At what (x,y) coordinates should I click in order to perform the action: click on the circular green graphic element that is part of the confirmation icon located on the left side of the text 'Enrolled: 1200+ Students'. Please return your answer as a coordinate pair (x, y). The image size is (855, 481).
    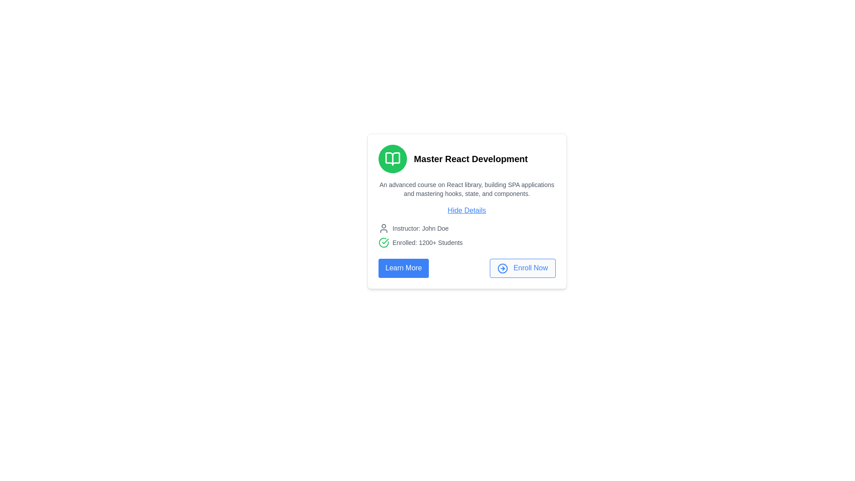
    Looking at the image, I should click on (383, 242).